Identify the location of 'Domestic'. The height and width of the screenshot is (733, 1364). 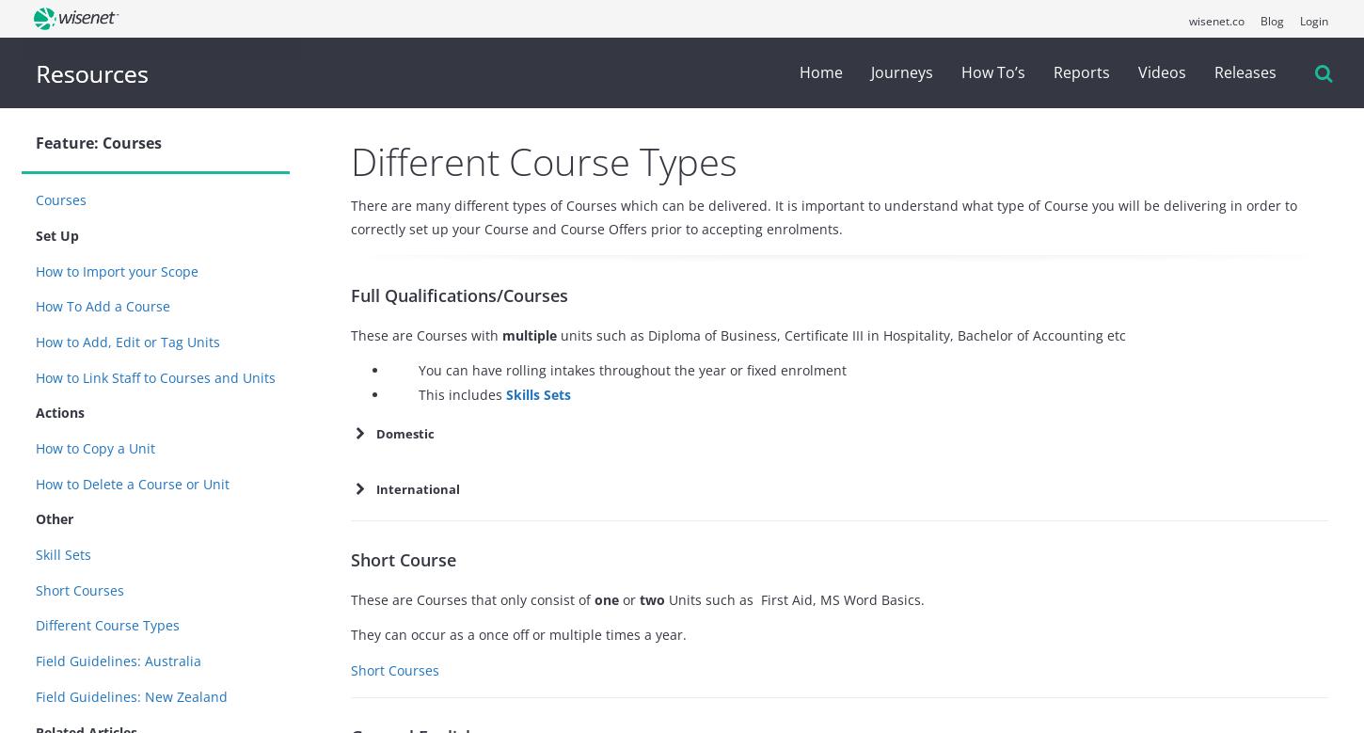
(404, 433).